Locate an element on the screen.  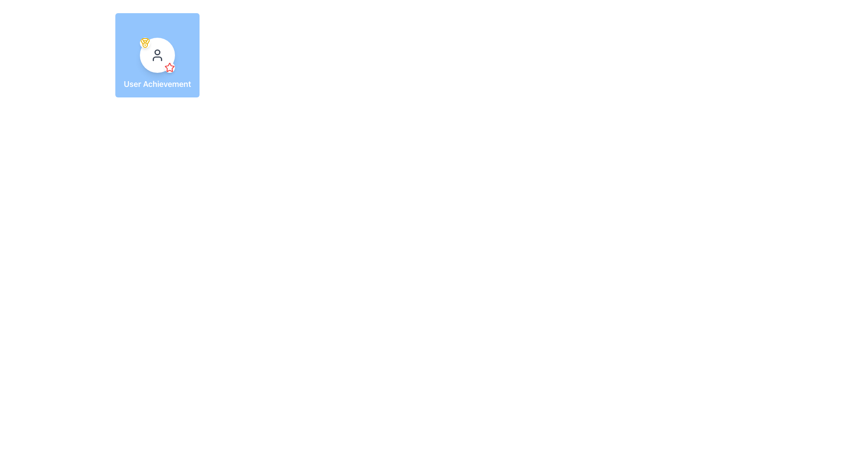
the user profile icon, which is visually represented within a circular element inside a blue square labeled 'User Achievement' is located at coordinates (157, 55).